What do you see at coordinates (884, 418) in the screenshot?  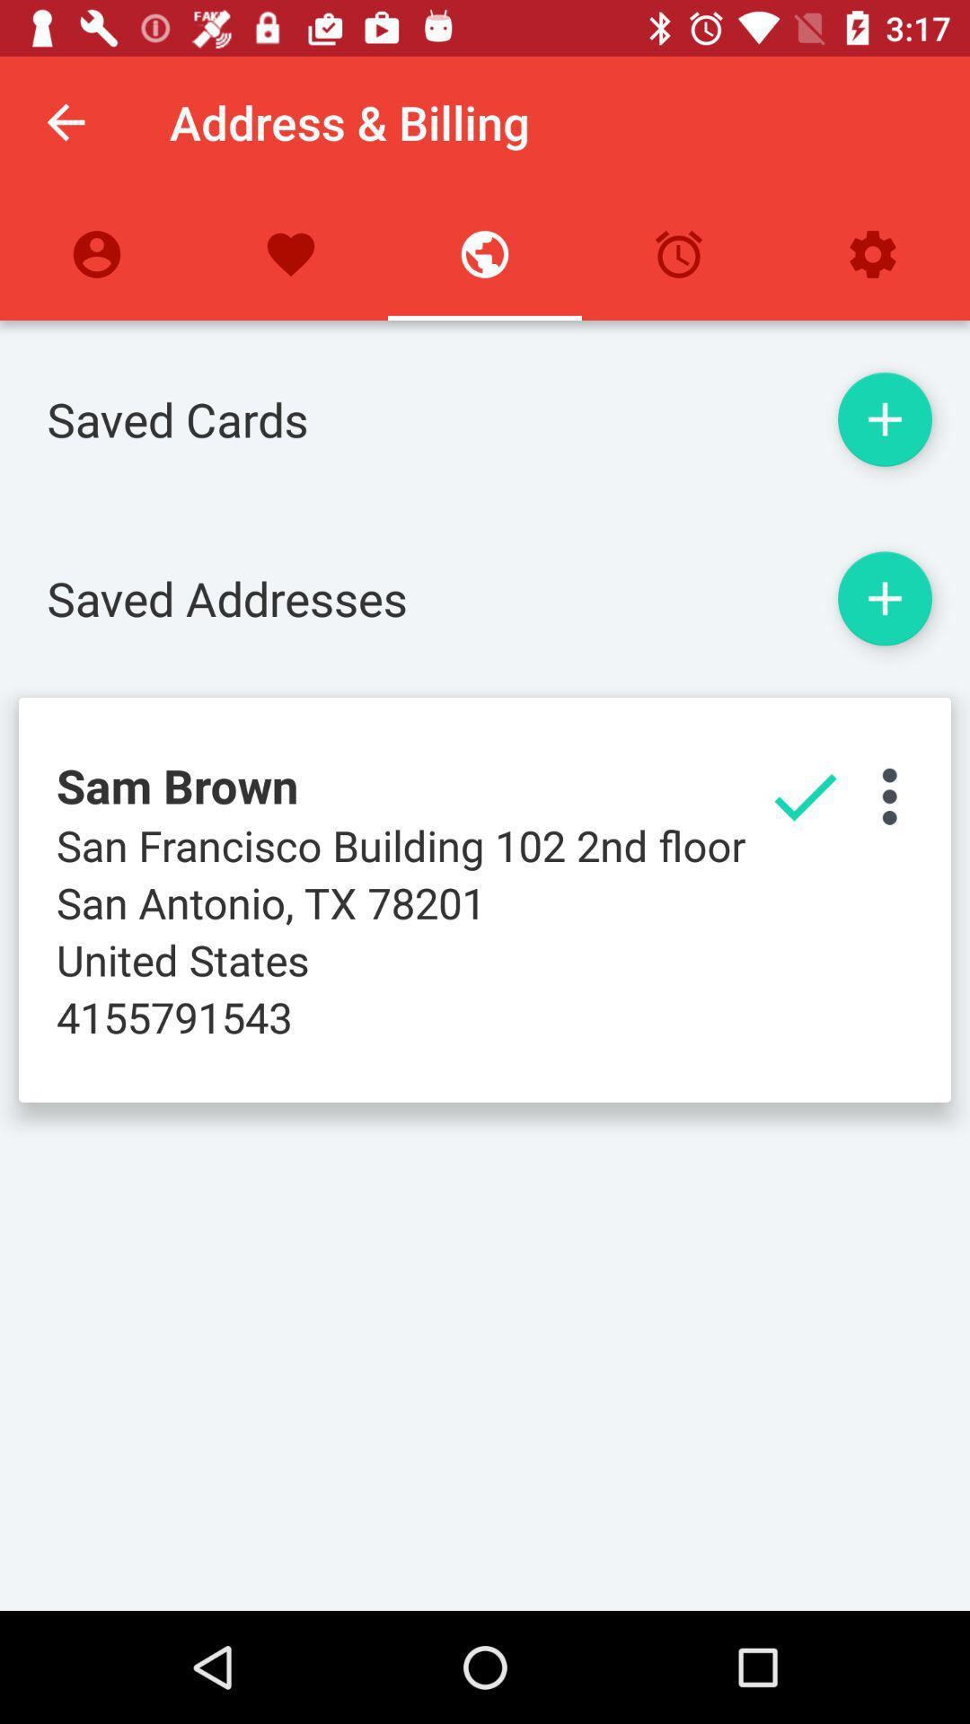 I see `expand saved cards` at bounding box center [884, 418].